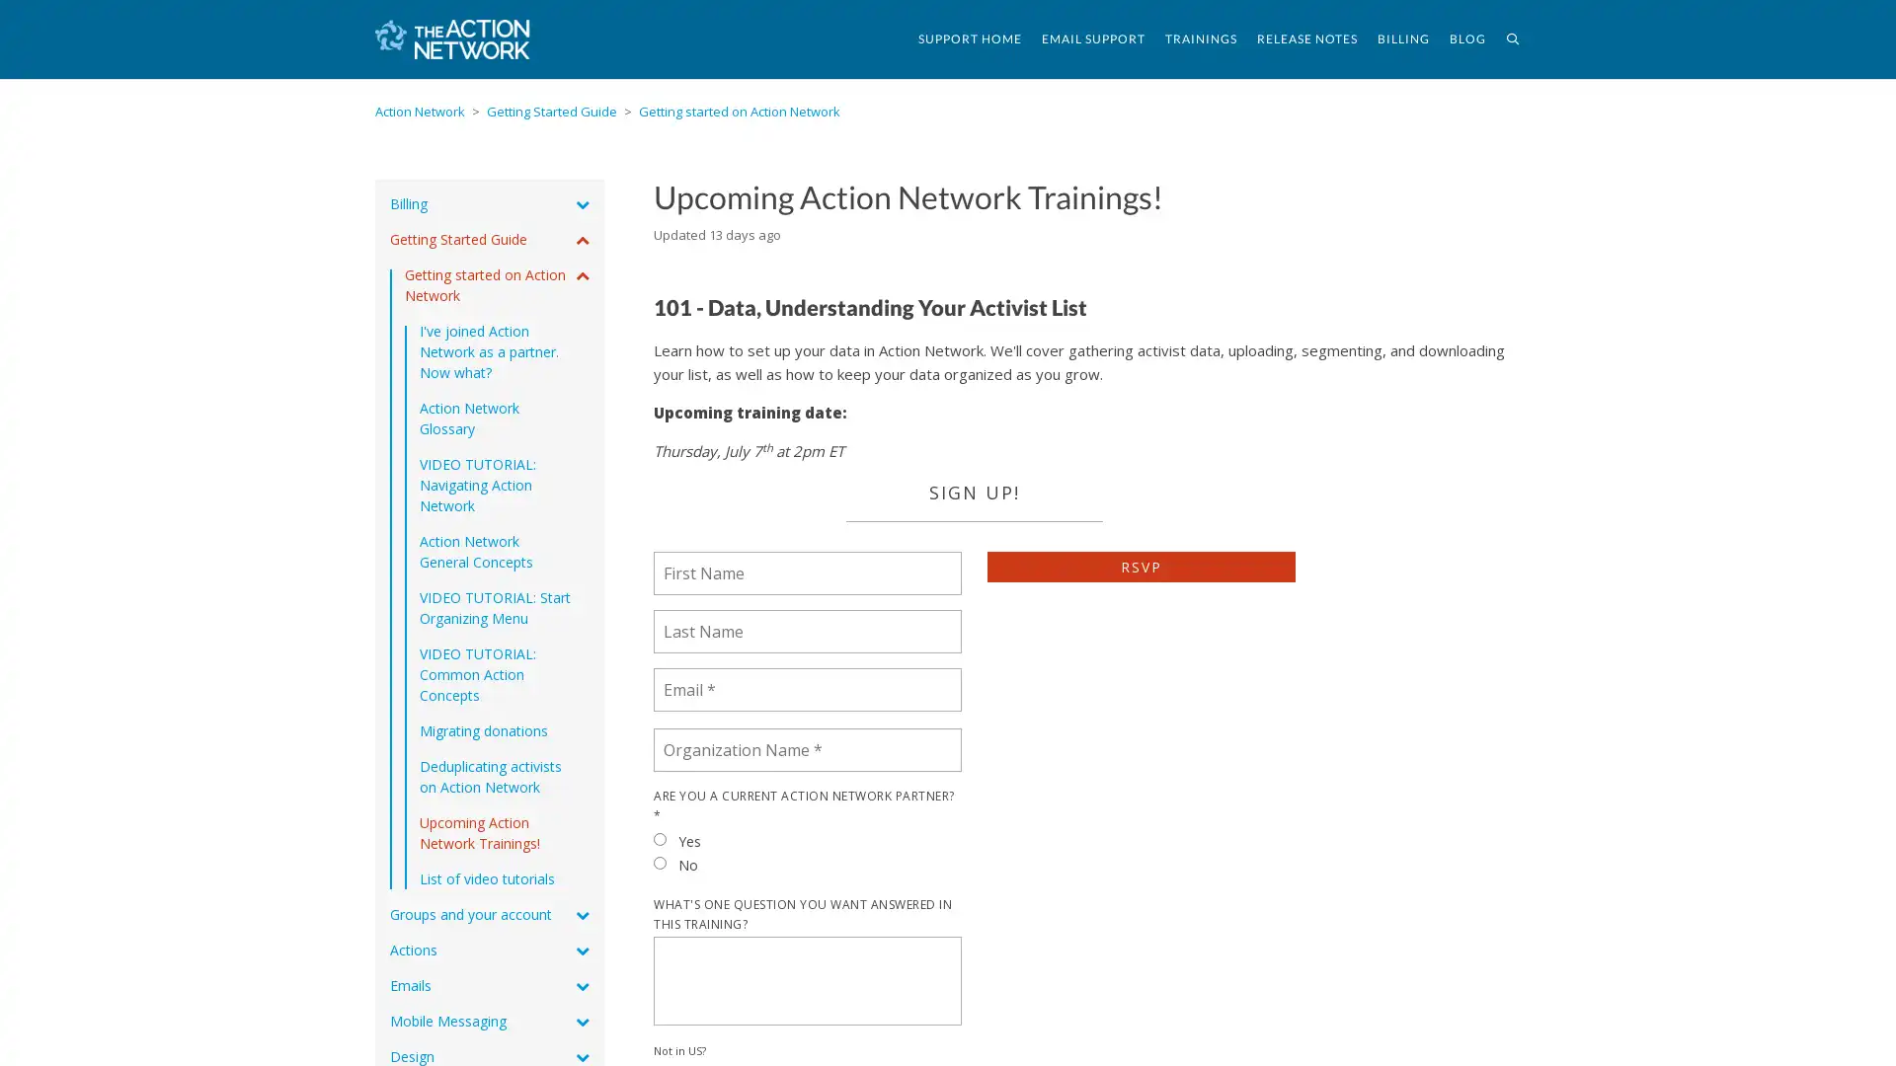 The height and width of the screenshot is (1066, 1896). Describe the element at coordinates (1142, 567) in the screenshot. I see `RSVP` at that location.